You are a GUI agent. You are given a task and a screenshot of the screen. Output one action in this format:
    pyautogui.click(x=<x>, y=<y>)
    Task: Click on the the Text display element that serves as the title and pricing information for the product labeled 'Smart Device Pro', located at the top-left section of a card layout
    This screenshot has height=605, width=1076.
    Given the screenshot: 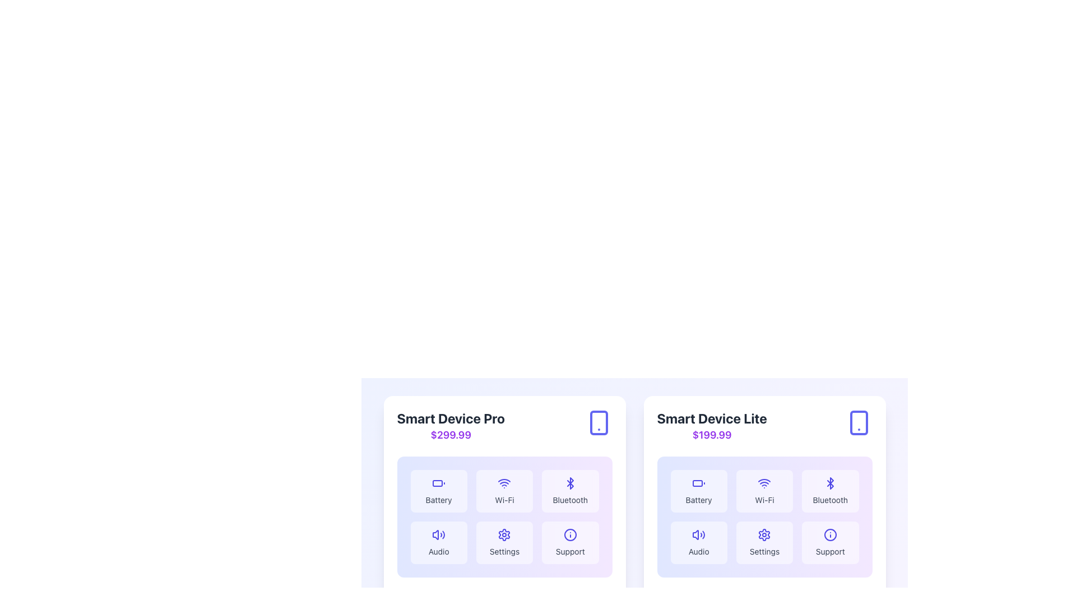 What is the action you would take?
    pyautogui.click(x=451, y=426)
    